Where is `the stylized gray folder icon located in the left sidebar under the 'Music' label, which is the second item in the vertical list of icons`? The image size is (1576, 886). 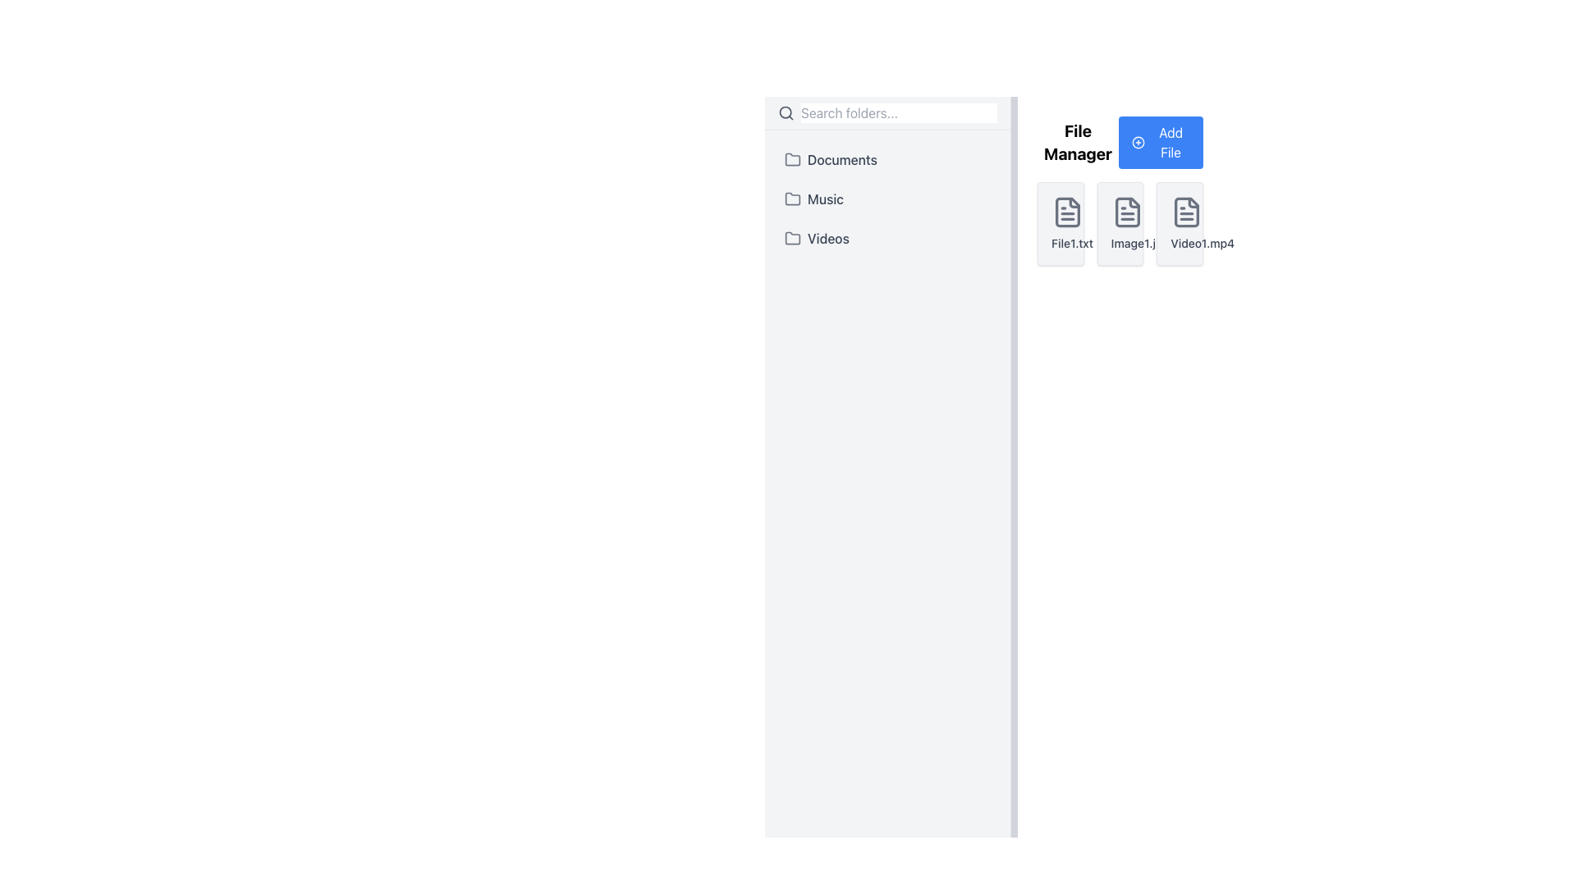 the stylized gray folder icon located in the left sidebar under the 'Music' label, which is the second item in the vertical list of icons is located at coordinates (792, 198).